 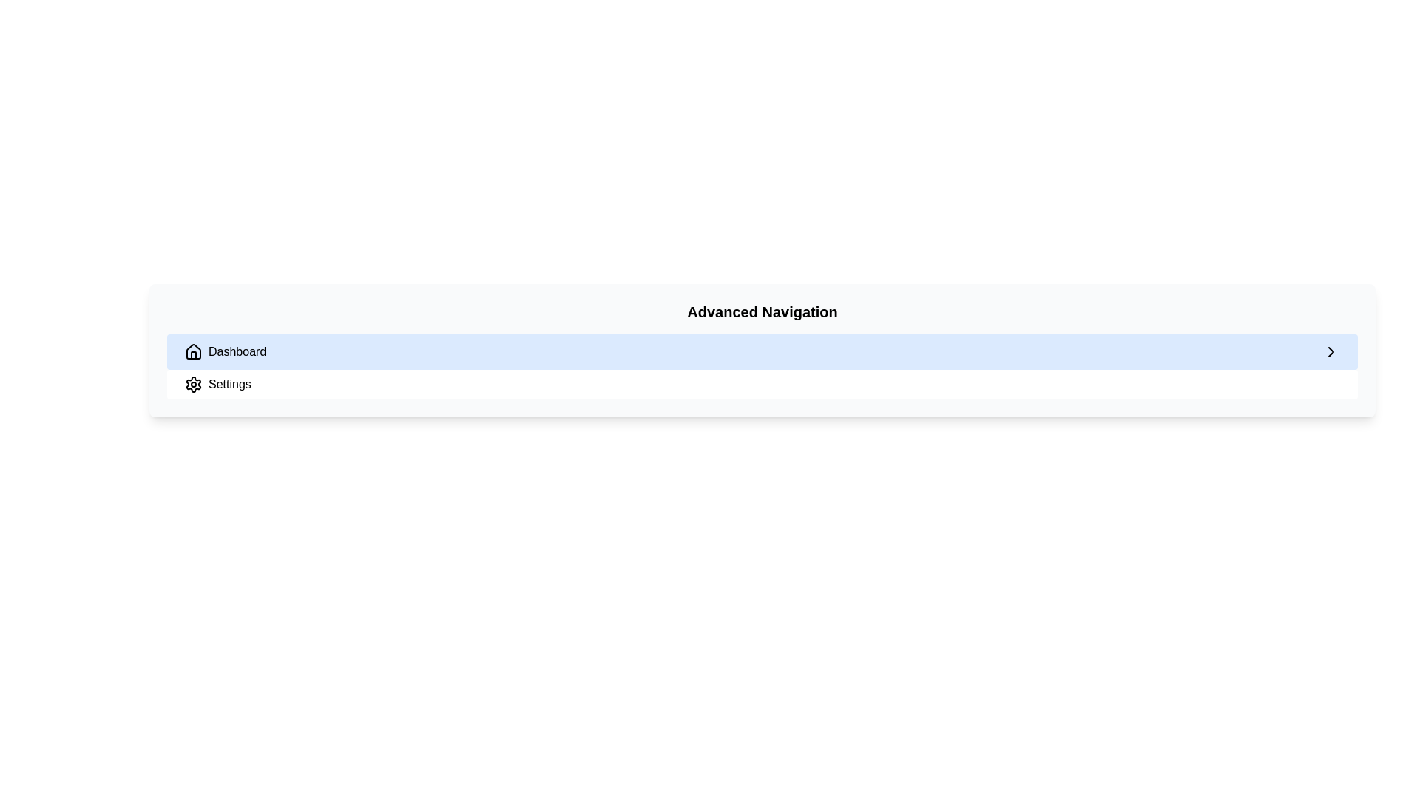 I want to click on the 'Settings' text label in the navigation menu, so click(x=229, y=384).